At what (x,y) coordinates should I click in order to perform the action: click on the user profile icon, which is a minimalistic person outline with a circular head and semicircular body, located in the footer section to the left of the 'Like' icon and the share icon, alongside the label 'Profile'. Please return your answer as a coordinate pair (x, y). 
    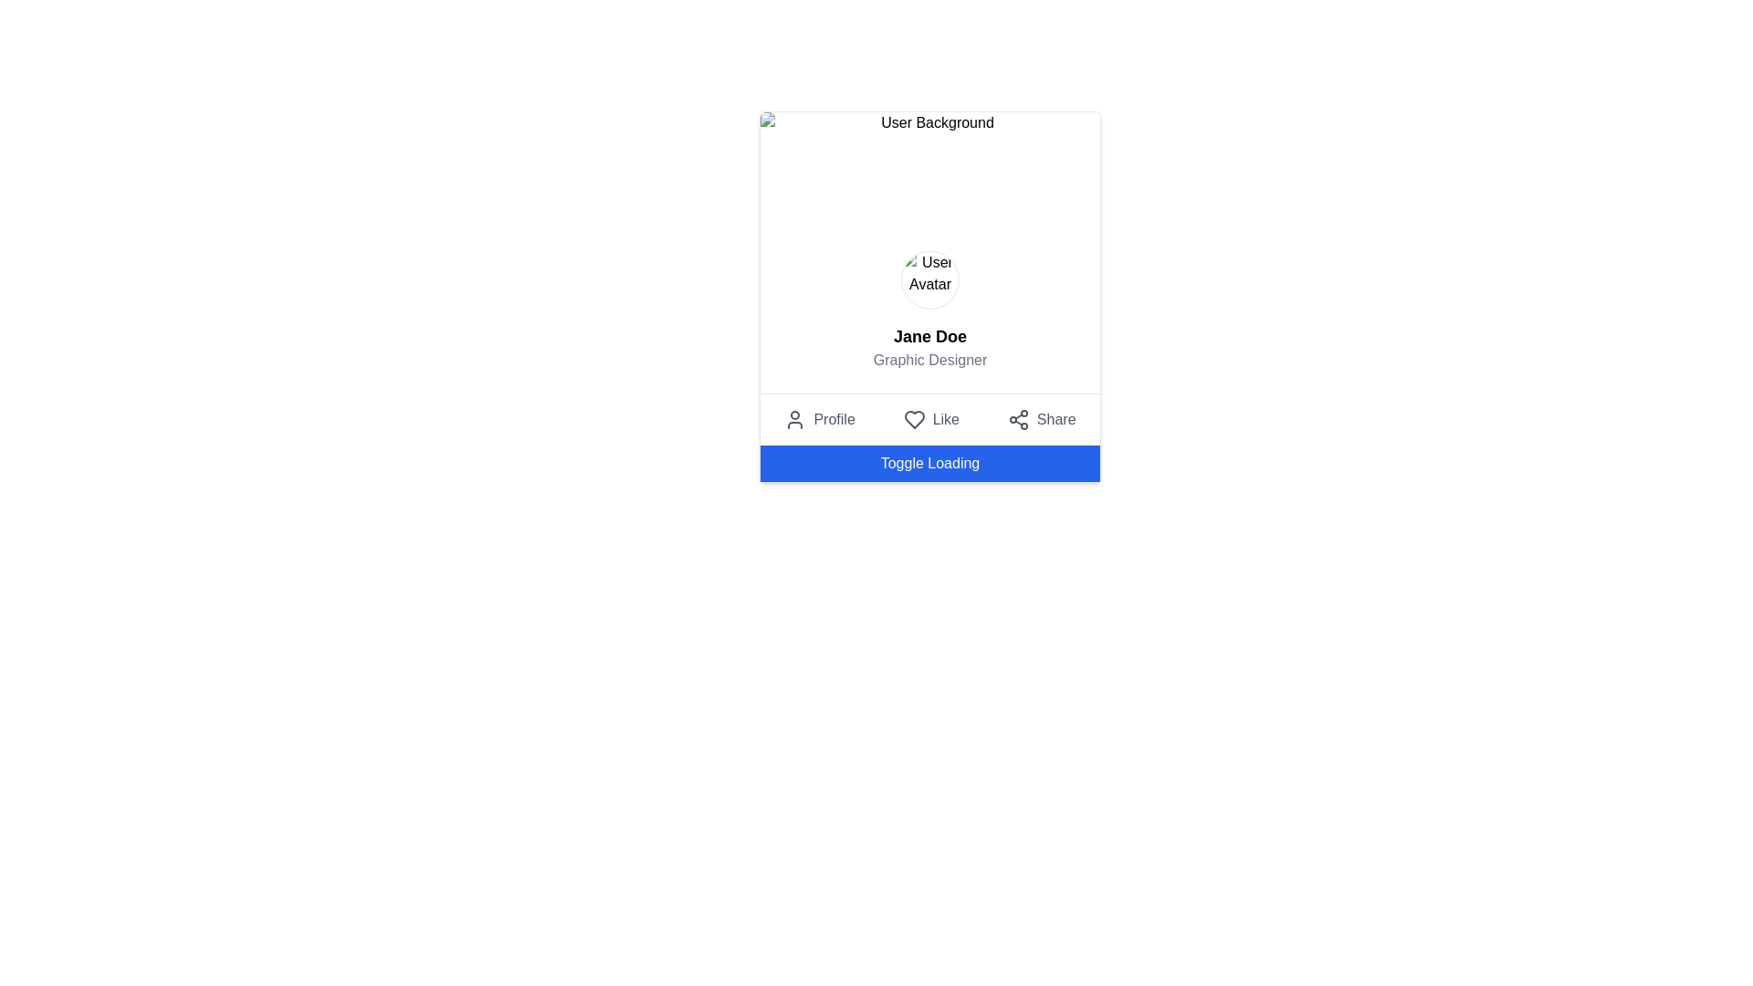
    Looking at the image, I should click on (795, 419).